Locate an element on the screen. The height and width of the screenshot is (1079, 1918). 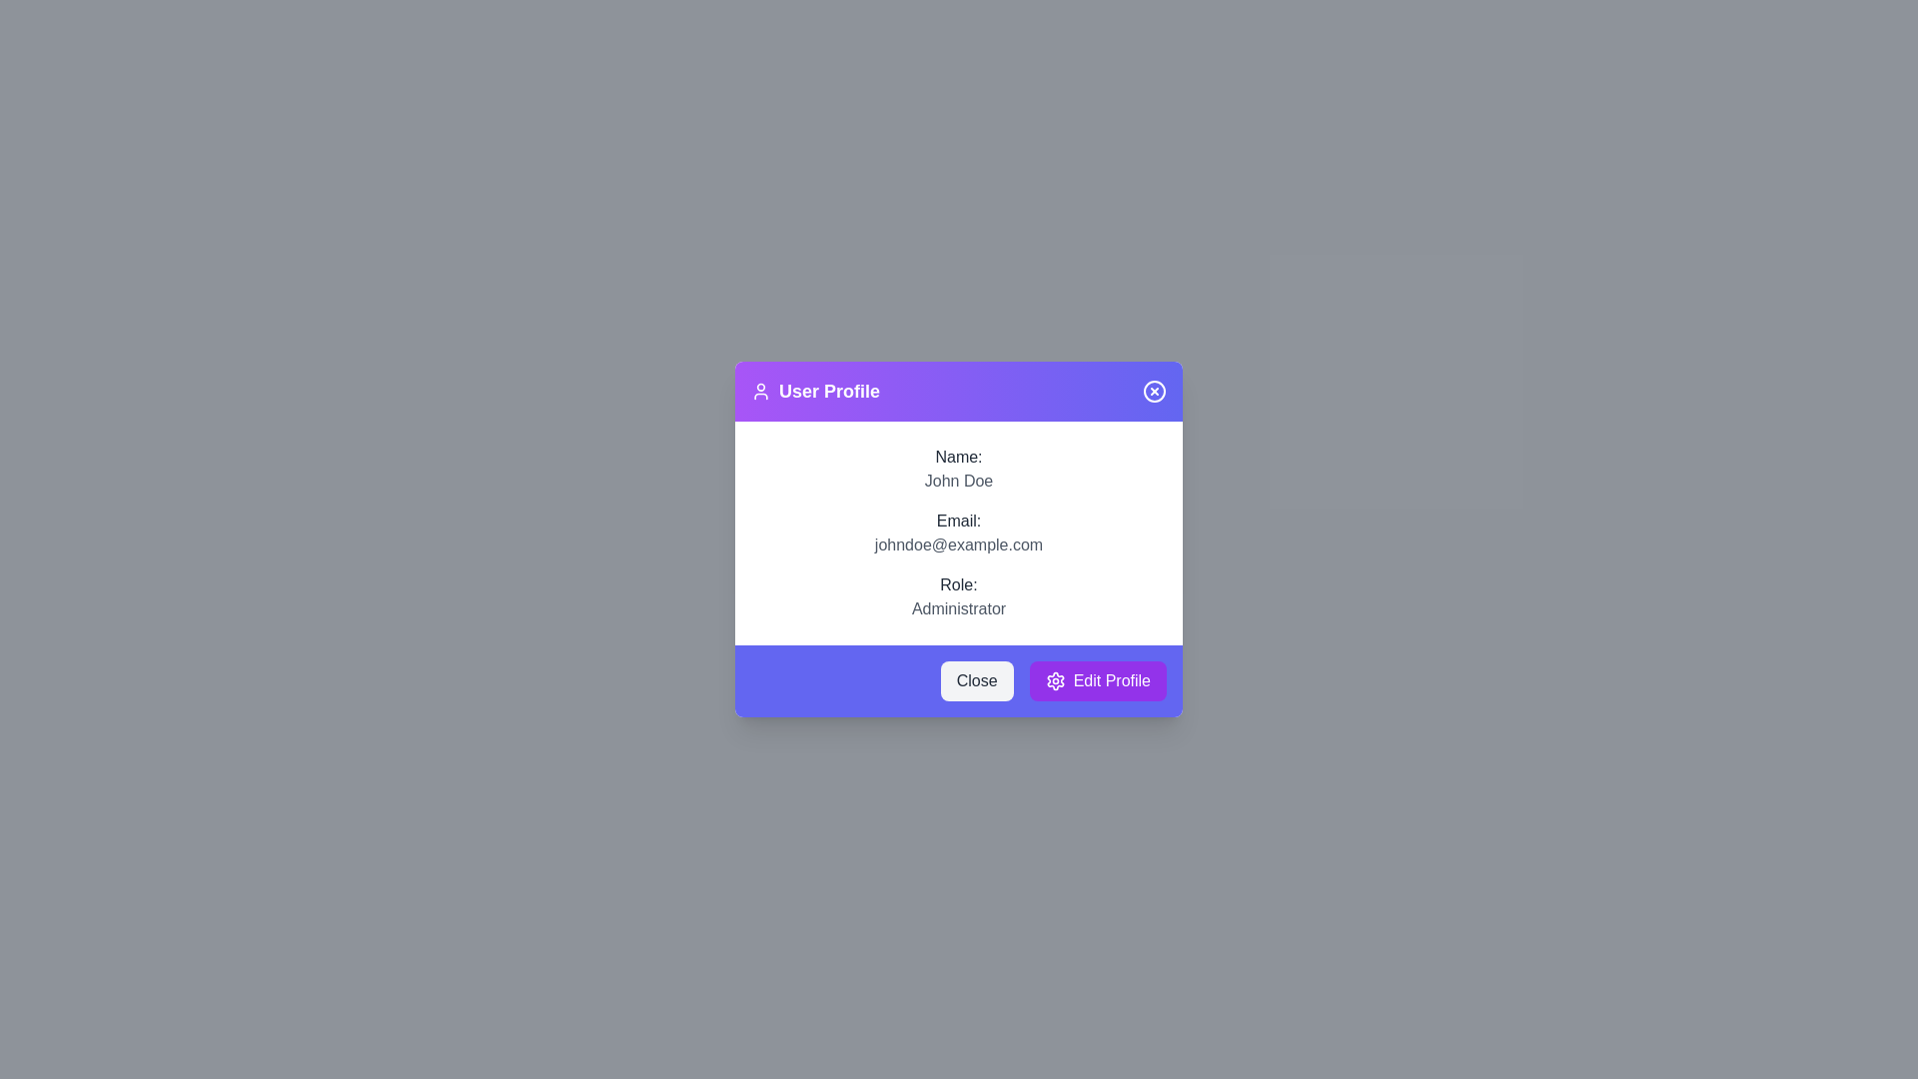
descriptive text label located beneath the 'Role:' label in the user profile section, which provides information about the role of the profile being viewed or edited is located at coordinates (959, 607).